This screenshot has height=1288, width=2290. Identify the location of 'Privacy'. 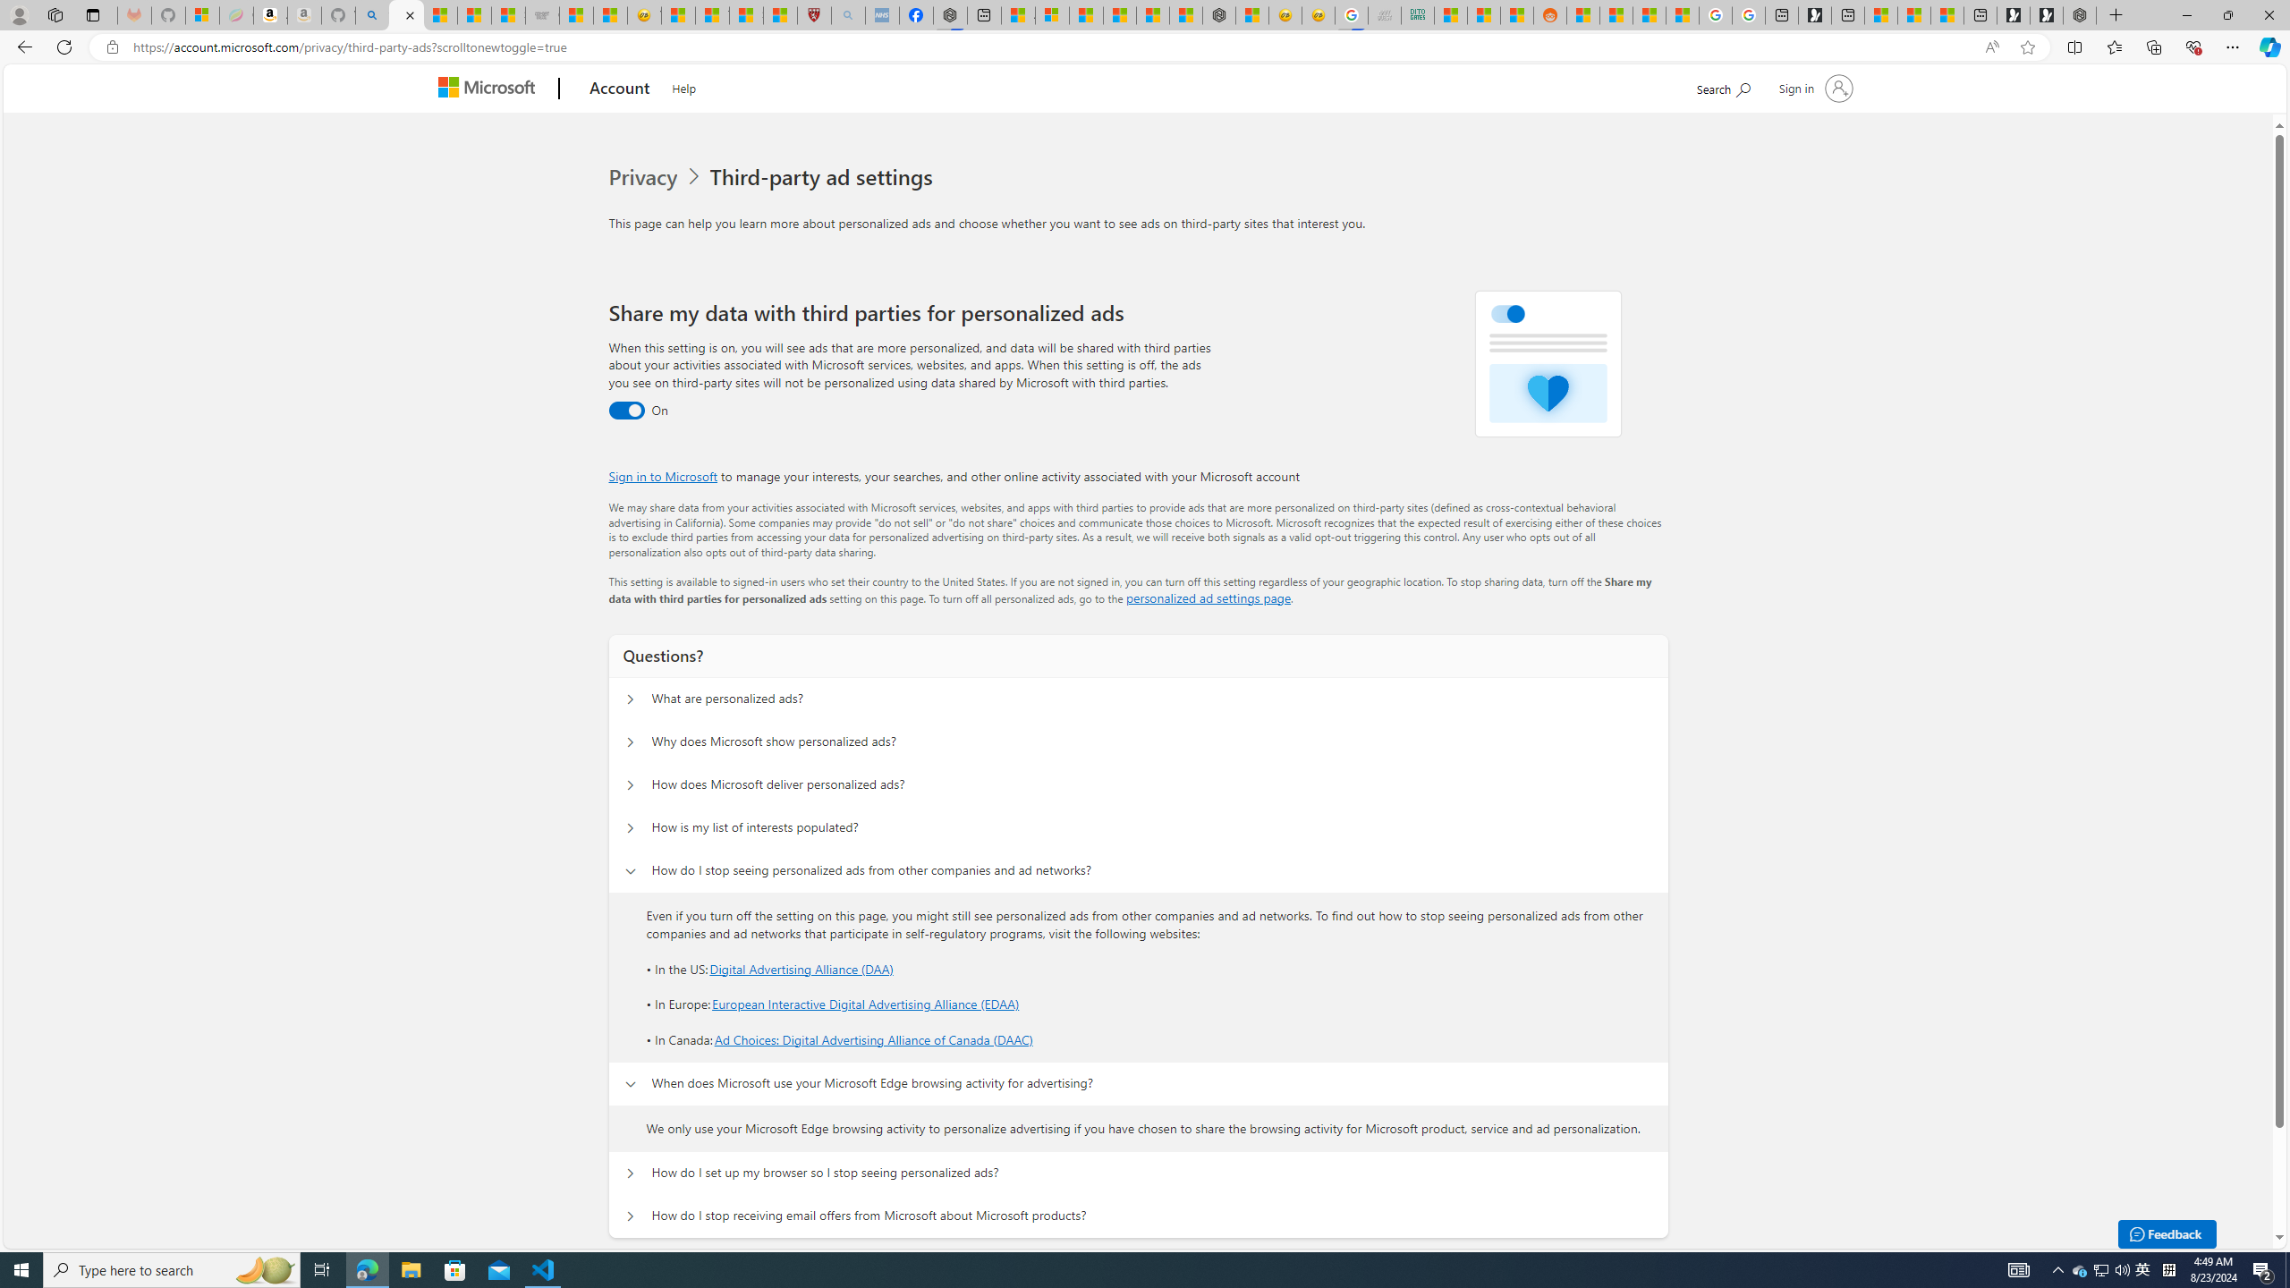
(645, 177).